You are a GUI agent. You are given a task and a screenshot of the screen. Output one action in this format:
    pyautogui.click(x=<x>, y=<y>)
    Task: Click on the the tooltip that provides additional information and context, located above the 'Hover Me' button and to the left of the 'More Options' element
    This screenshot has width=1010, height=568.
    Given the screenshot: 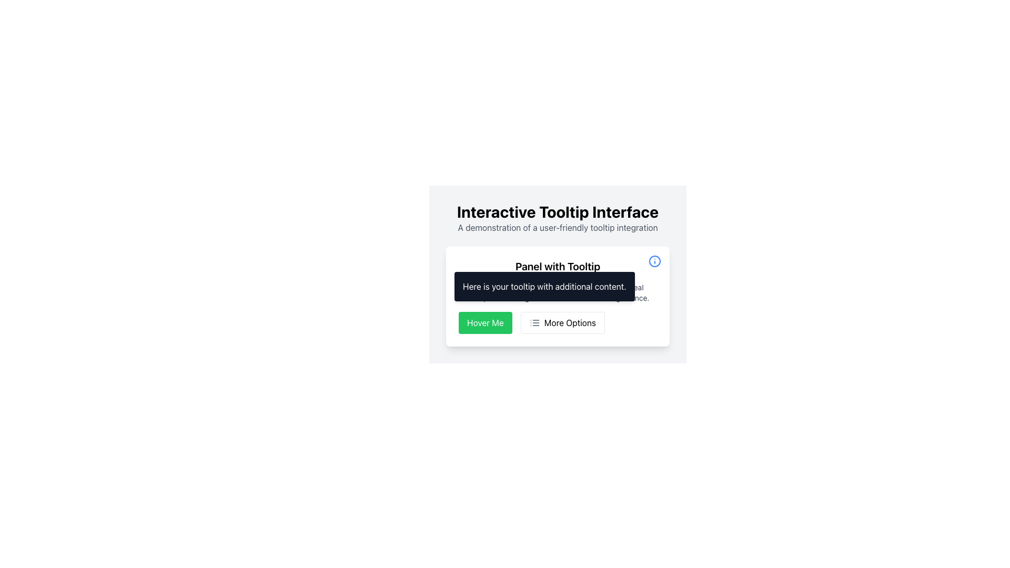 What is the action you would take?
    pyautogui.click(x=544, y=286)
    